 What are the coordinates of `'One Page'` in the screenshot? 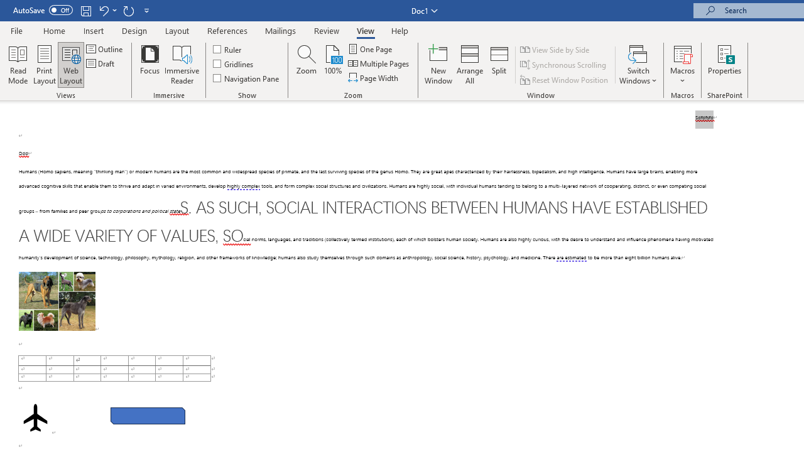 It's located at (370, 48).